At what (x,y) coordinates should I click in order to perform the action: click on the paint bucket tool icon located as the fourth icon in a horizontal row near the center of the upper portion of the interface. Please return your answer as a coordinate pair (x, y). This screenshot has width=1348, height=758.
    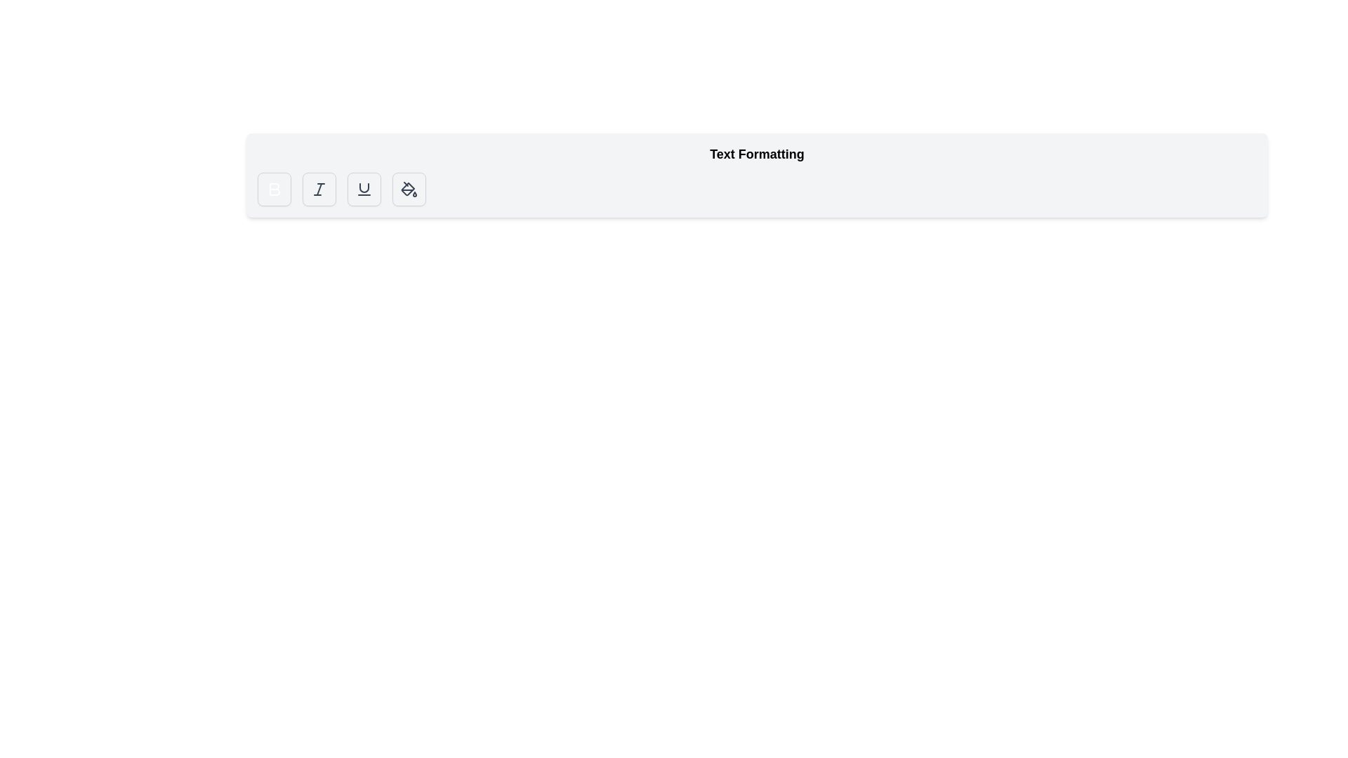
    Looking at the image, I should click on (407, 188).